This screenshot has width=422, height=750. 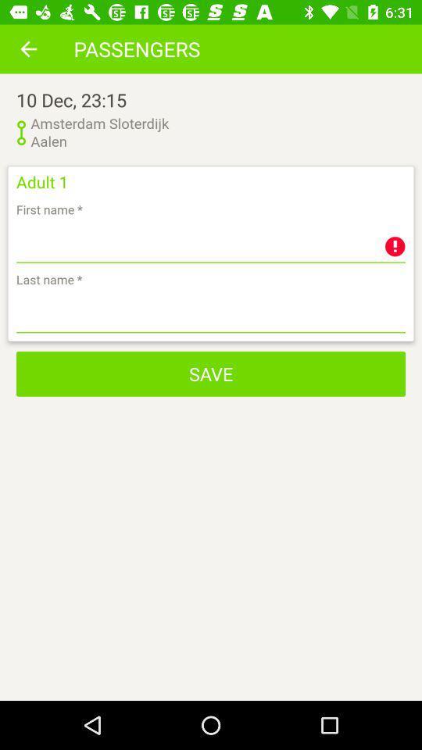 I want to click on last name, so click(x=211, y=312).